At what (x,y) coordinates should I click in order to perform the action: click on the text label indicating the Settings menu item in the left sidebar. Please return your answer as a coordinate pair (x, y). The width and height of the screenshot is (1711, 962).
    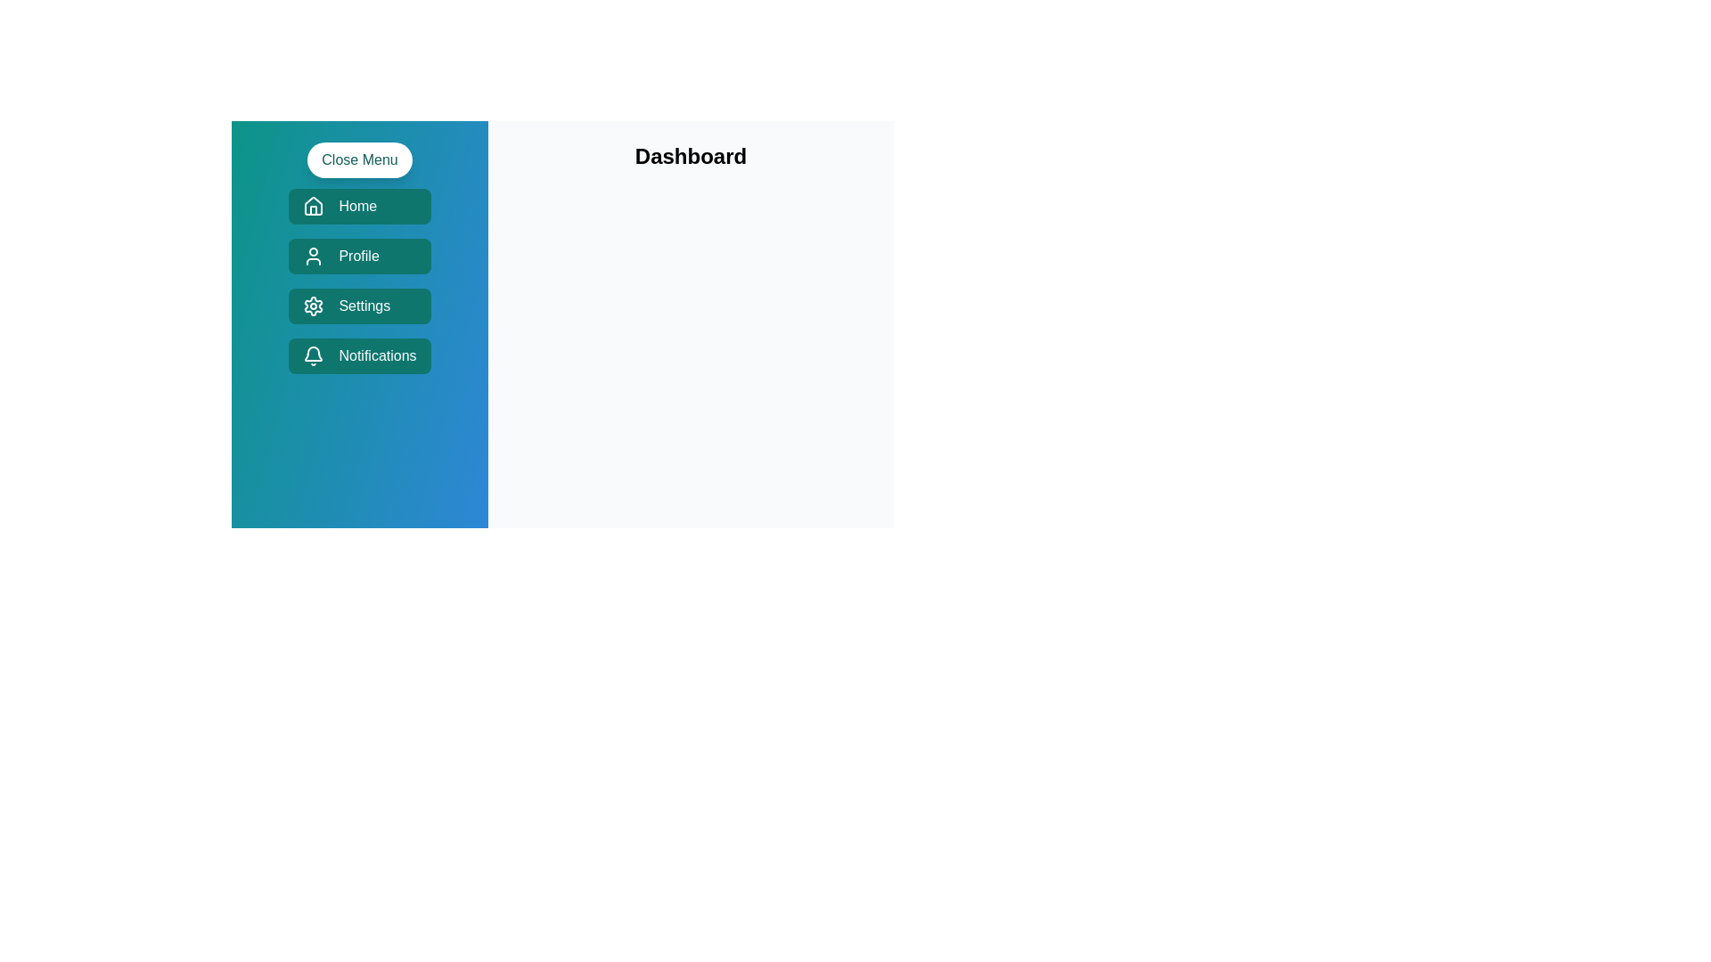
    Looking at the image, I should click on (364, 305).